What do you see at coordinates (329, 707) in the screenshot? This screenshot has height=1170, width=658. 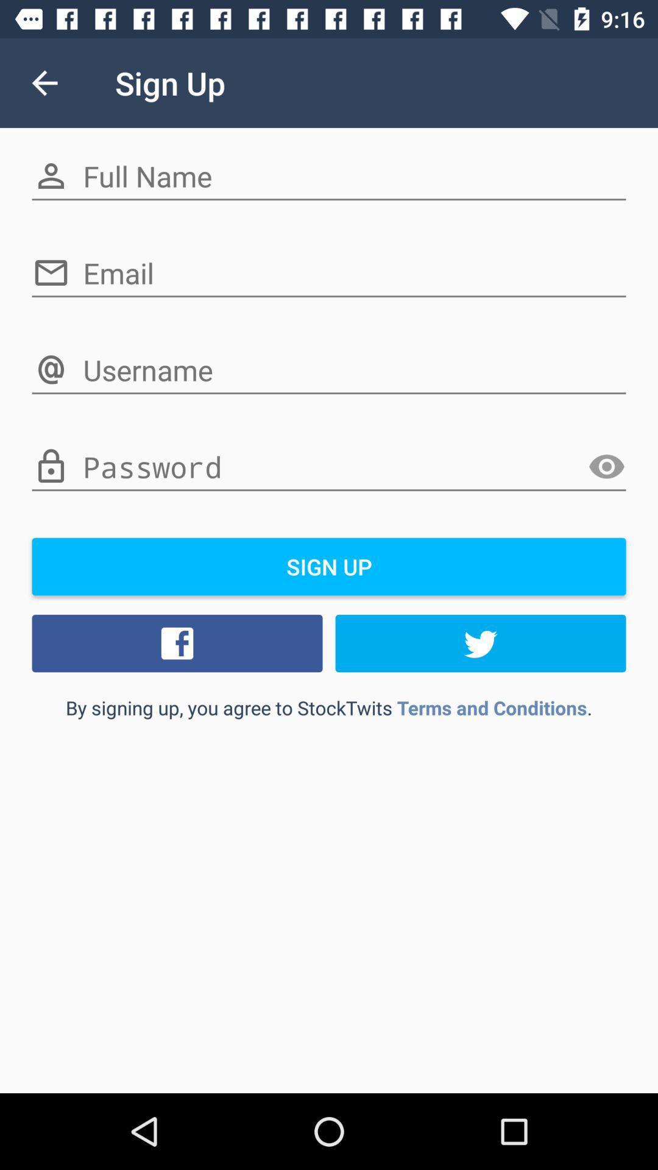 I see `the by signing up item` at bounding box center [329, 707].